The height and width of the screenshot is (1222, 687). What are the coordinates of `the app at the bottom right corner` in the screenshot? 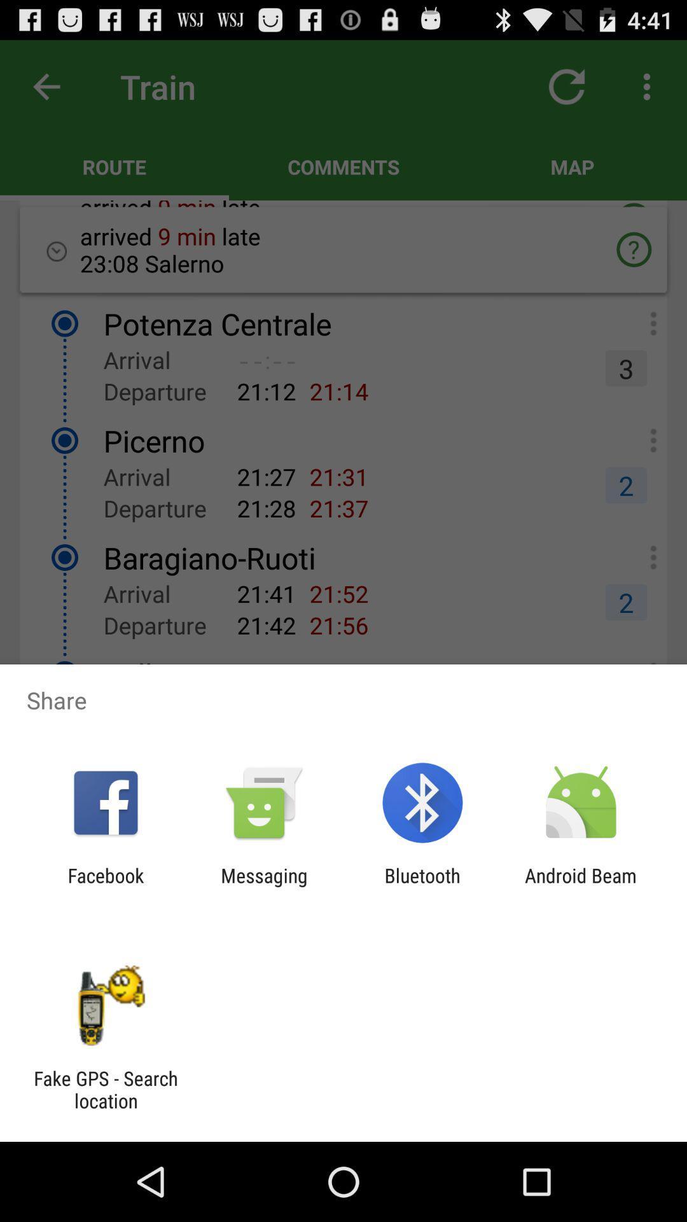 It's located at (581, 886).